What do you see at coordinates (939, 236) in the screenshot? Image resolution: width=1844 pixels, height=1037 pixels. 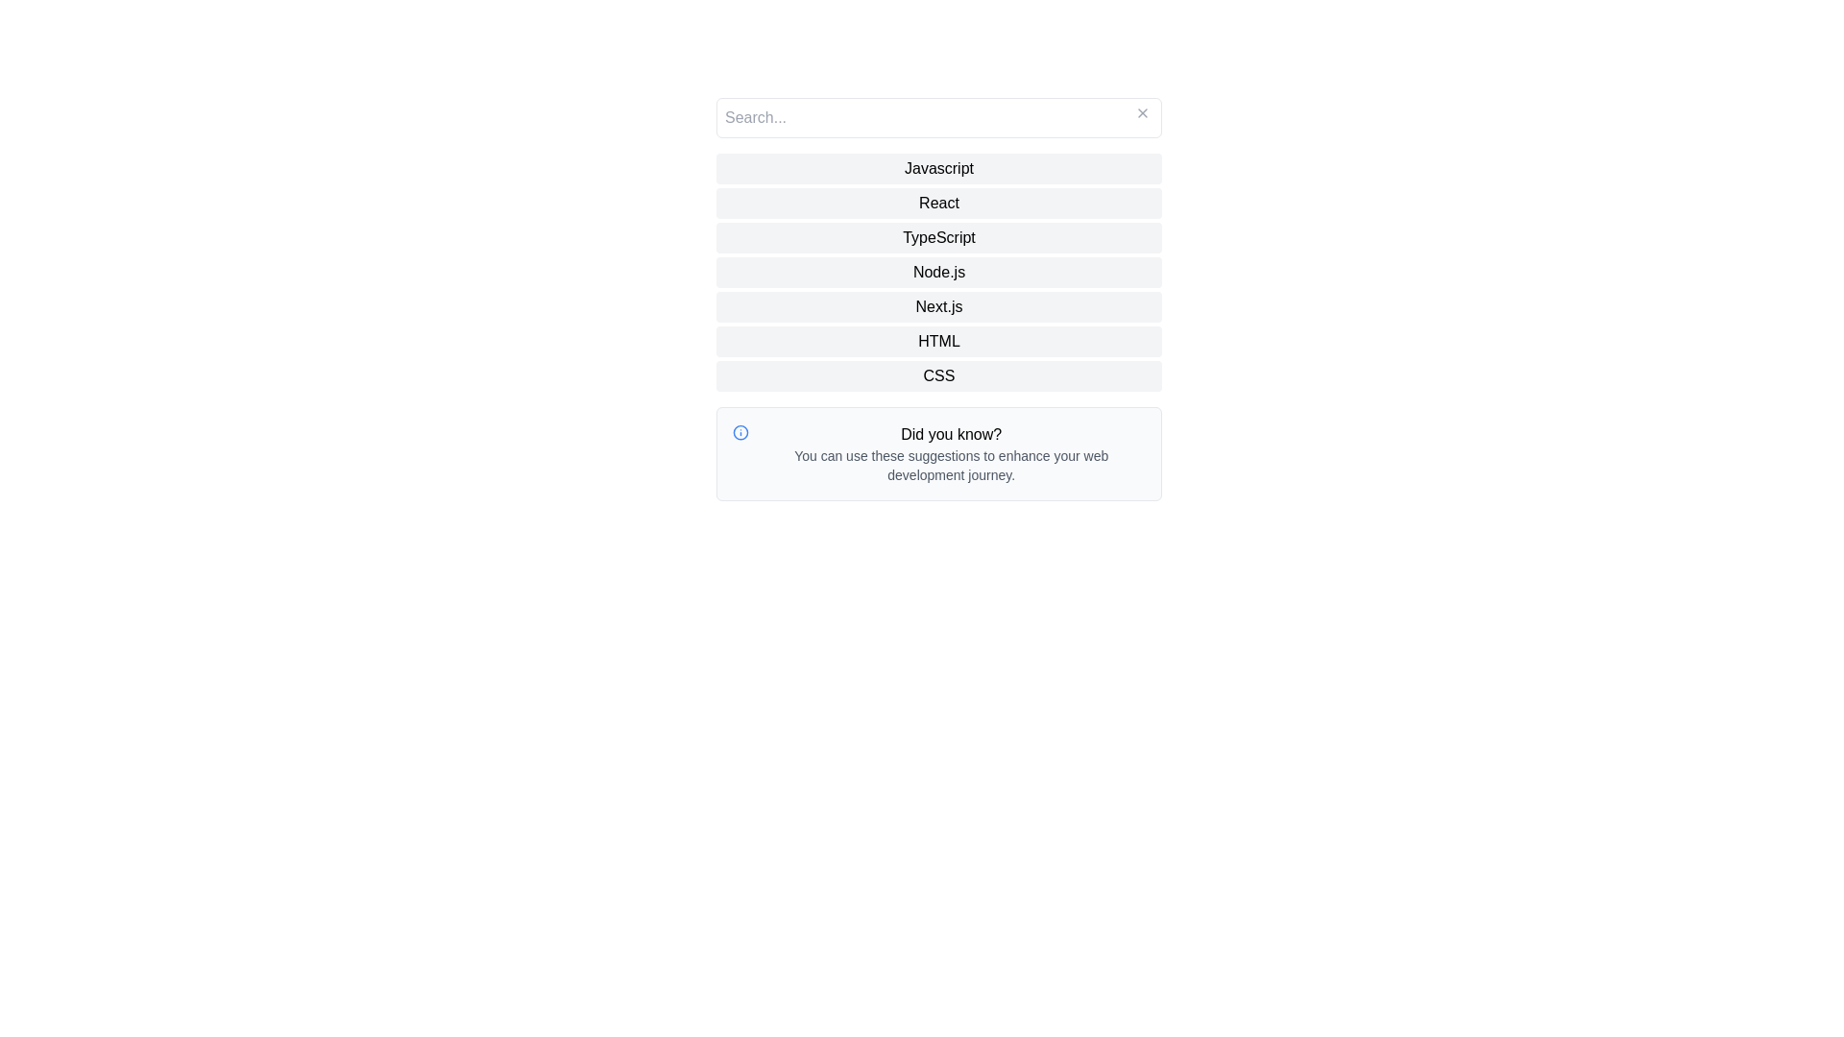 I see `the 'TypeScript' button, which is the third item in a vertical list of programming languages positioned centrally in the viewport` at bounding box center [939, 236].